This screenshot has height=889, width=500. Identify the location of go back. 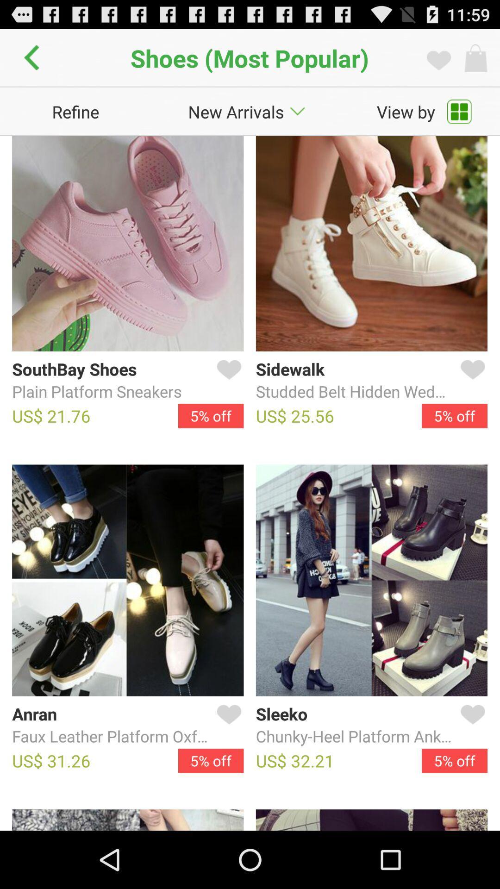
(34, 57).